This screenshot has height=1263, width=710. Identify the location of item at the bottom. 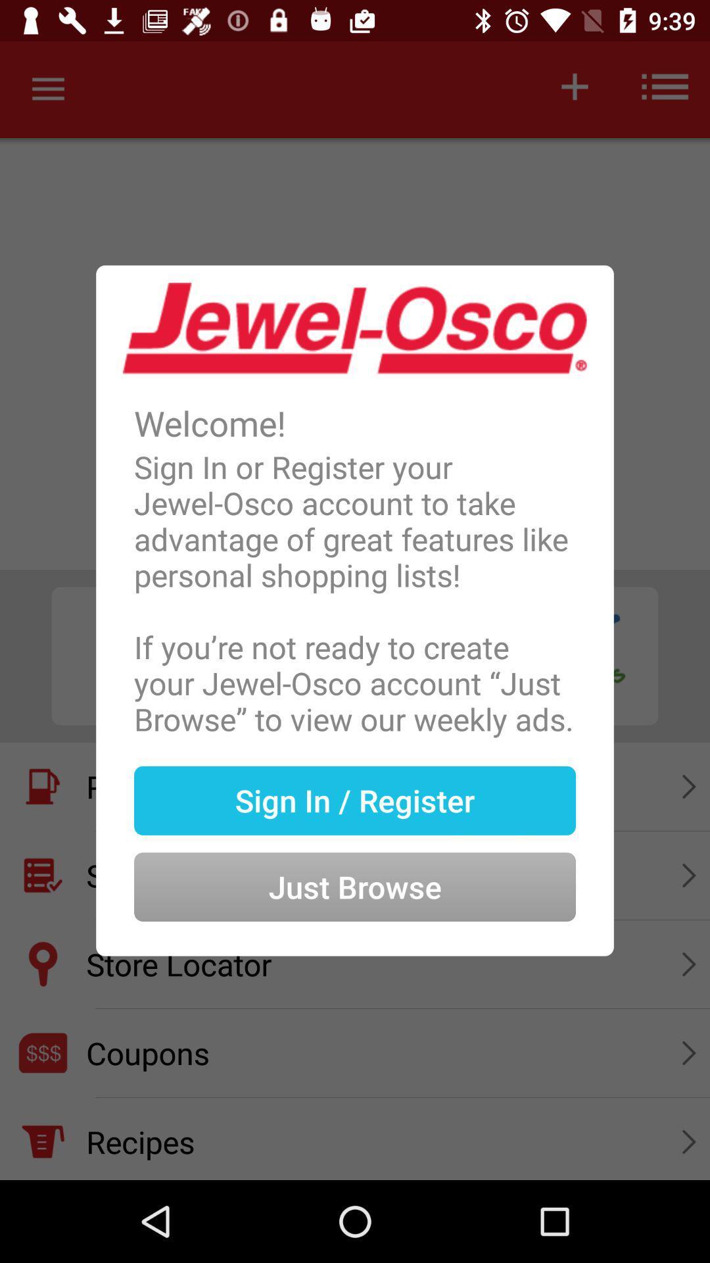
(355, 866).